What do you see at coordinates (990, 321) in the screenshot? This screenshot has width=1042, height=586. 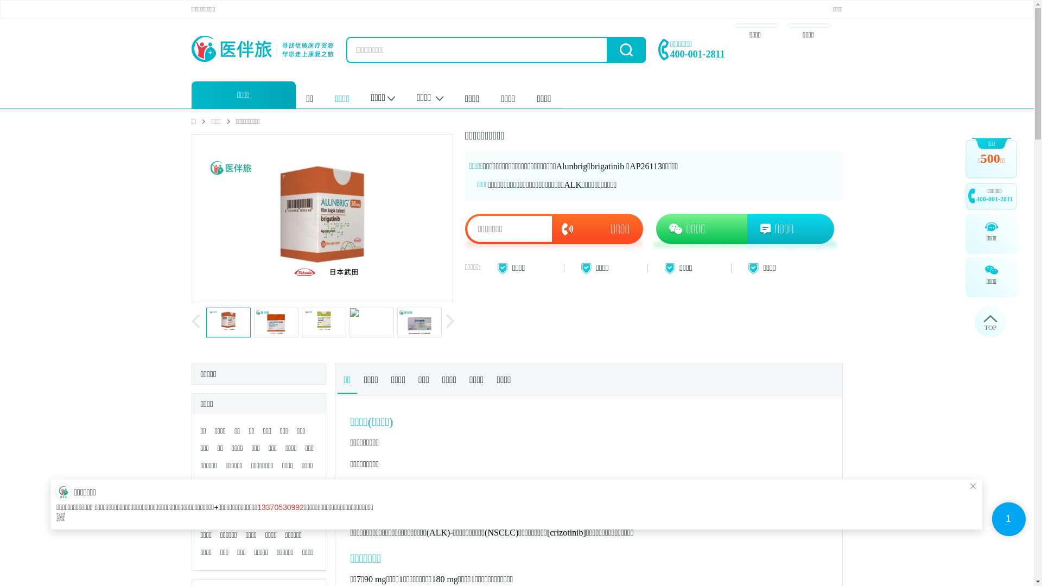 I see `'TOP'` at bounding box center [990, 321].